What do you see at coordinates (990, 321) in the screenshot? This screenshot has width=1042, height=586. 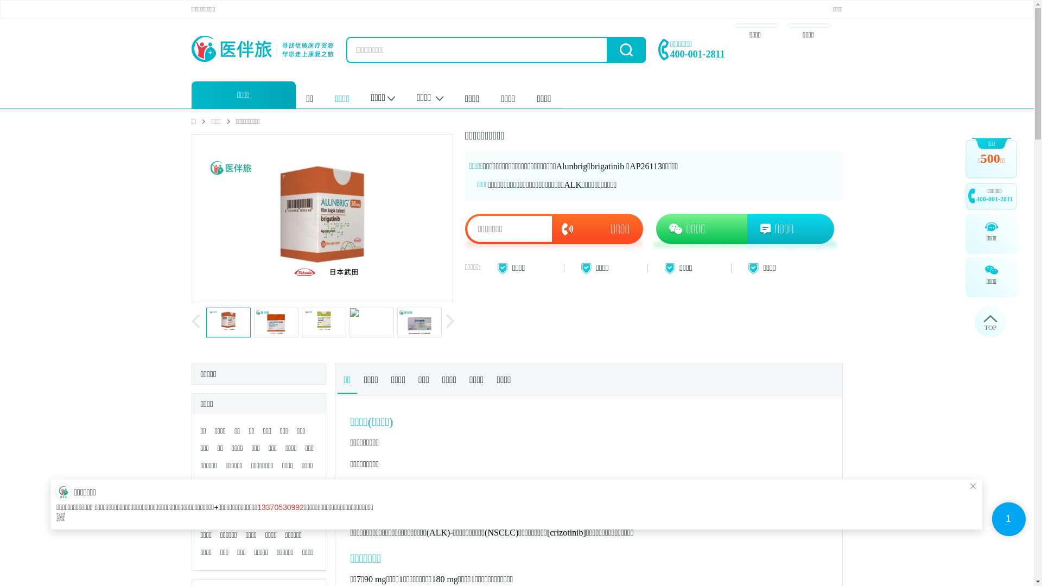 I see `'TOP'` at bounding box center [990, 321].